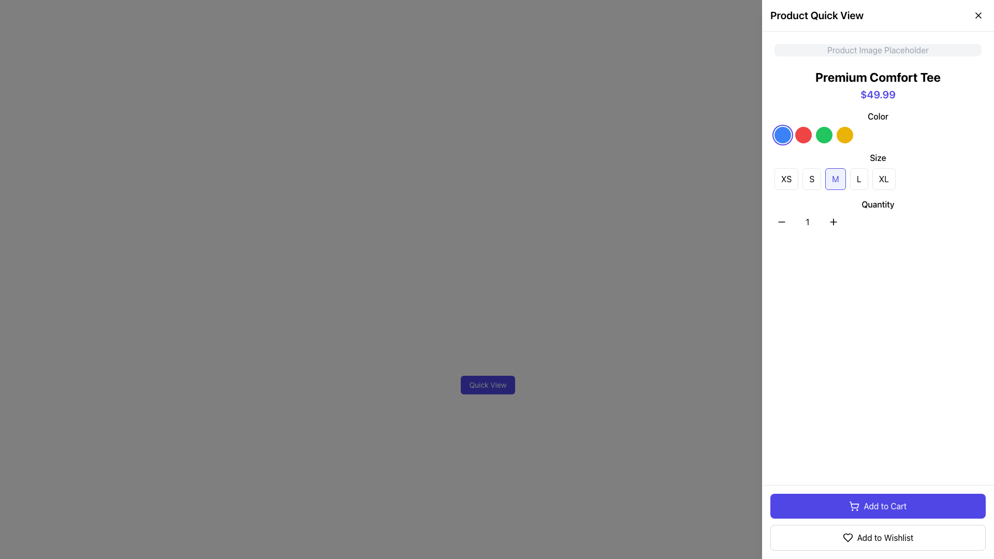 This screenshot has height=559, width=994. What do you see at coordinates (782, 221) in the screenshot?
I see `the button with gray rounded edges featuring a black minus icon, located in the 'Quantity' section of the product quick view modal` at bounding box center [782, 221].